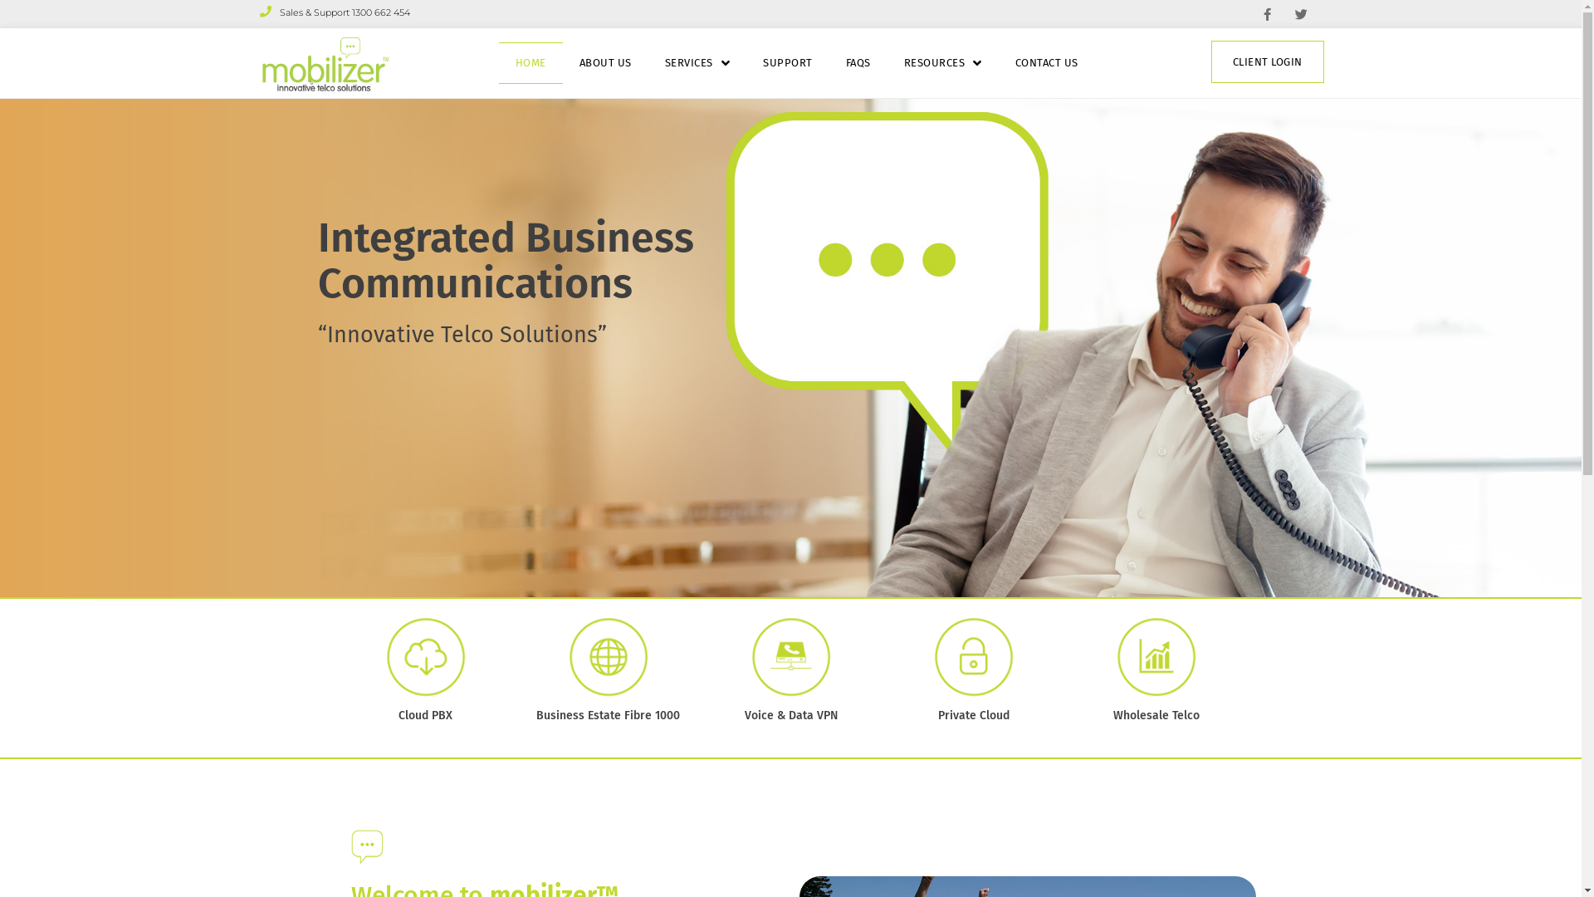 The height and width of the screenshot is (897, 1594). What do you see at coordinates (943, 62) in the screenshot?
I see `'RESOURCES'` at bounding box center [943, 62].